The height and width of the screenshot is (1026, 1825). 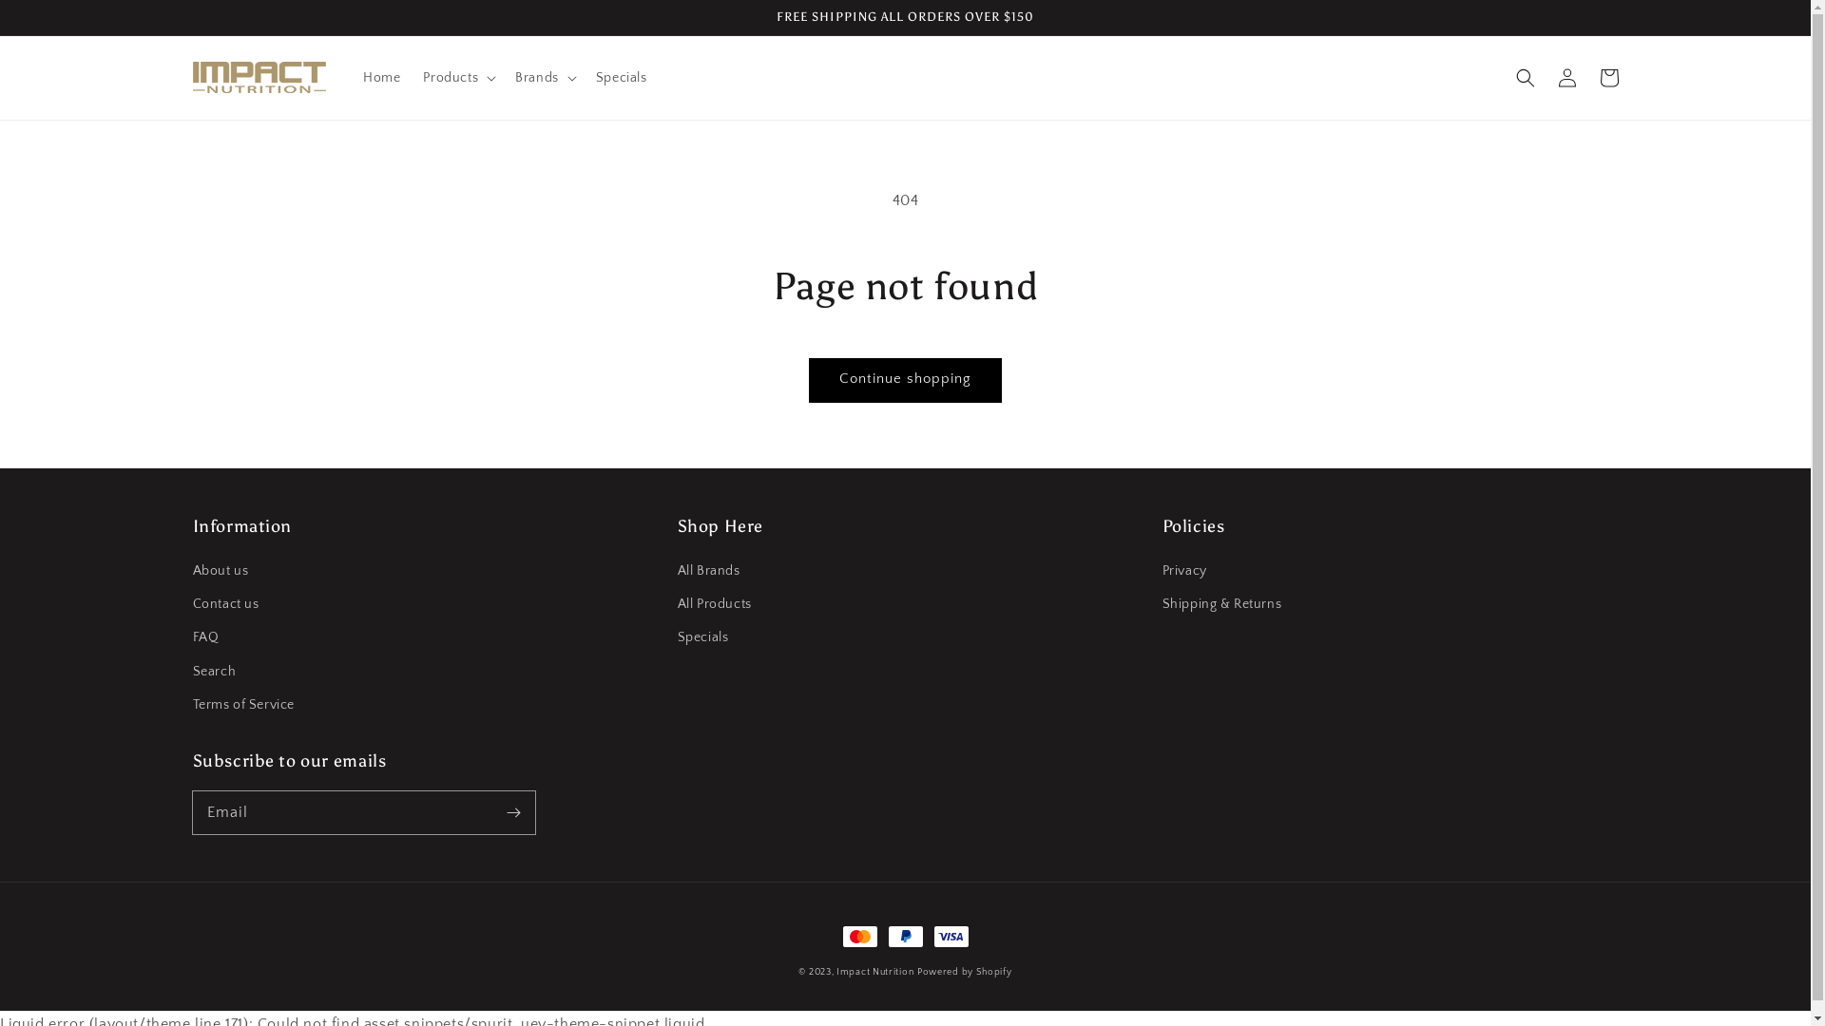 I want to click on 'All Products', so click(x=712, y=604).